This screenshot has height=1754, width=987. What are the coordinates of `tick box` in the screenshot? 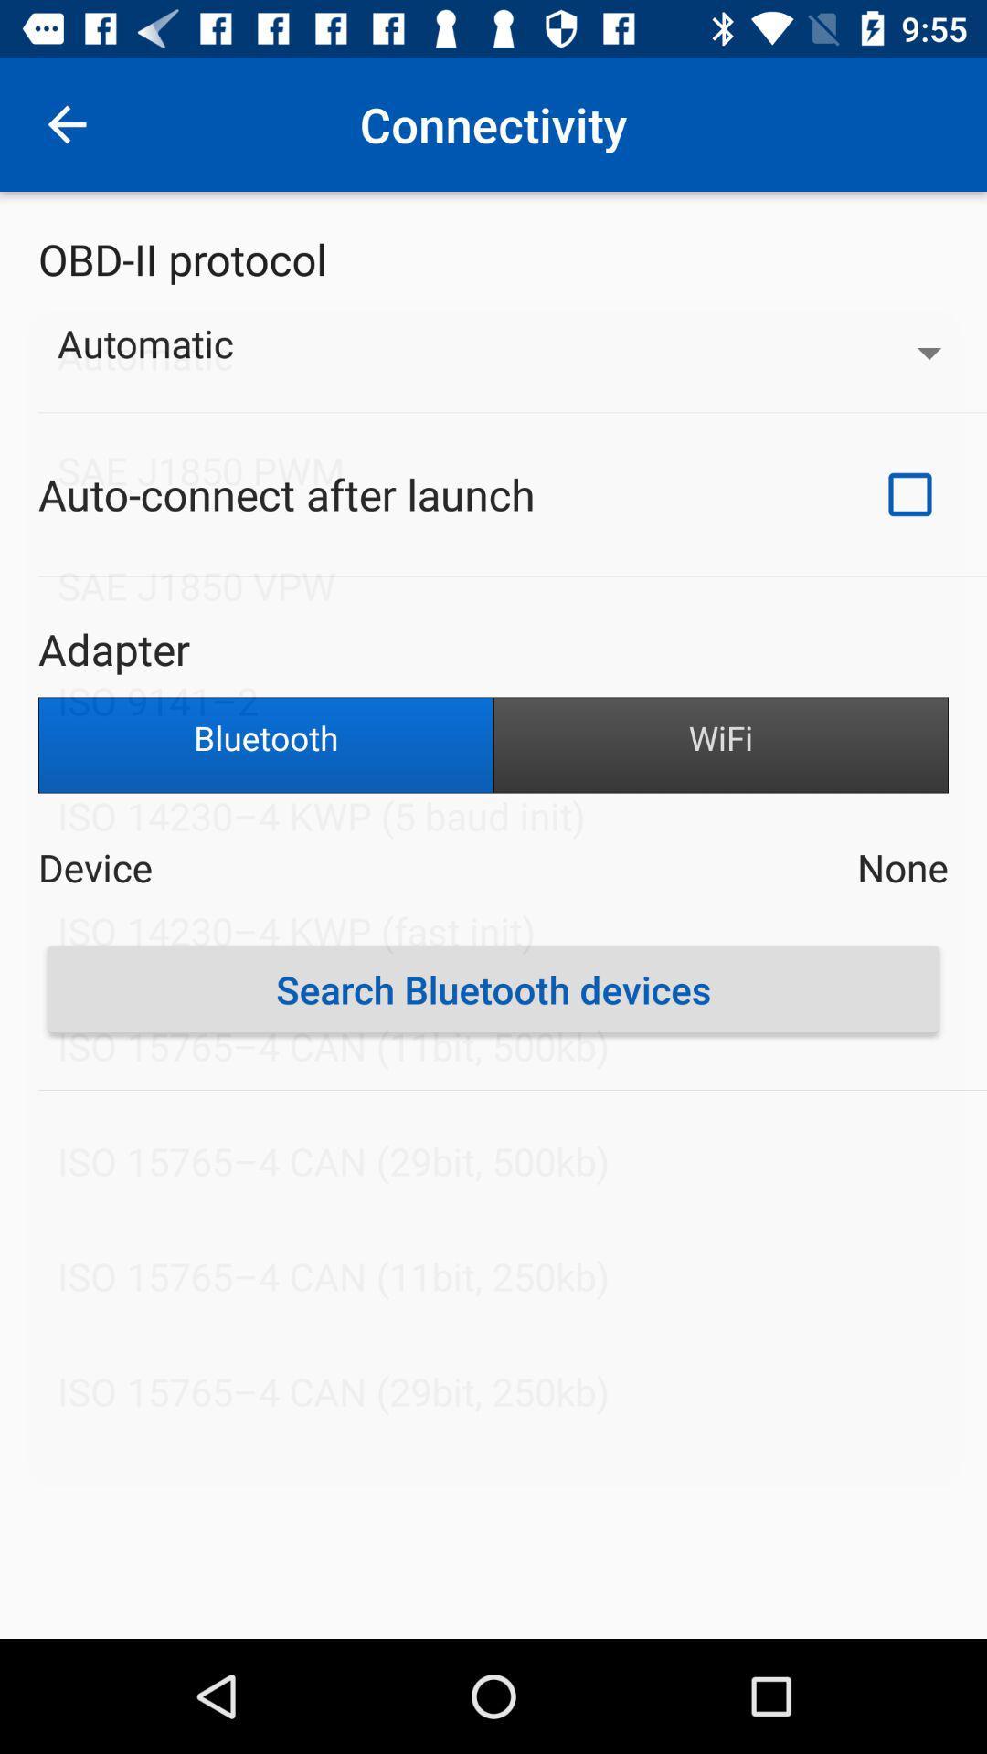 It's located at (909, 494).